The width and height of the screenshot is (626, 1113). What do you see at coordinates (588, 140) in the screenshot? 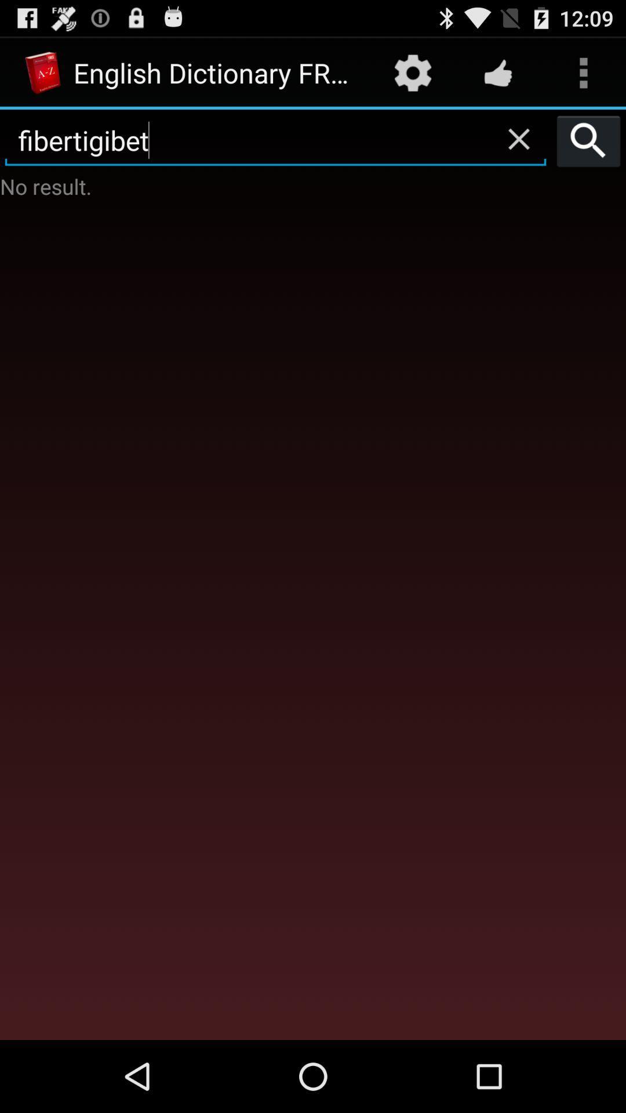
I see `the icon next to fibertigibet` at bounding box center [588, 140].